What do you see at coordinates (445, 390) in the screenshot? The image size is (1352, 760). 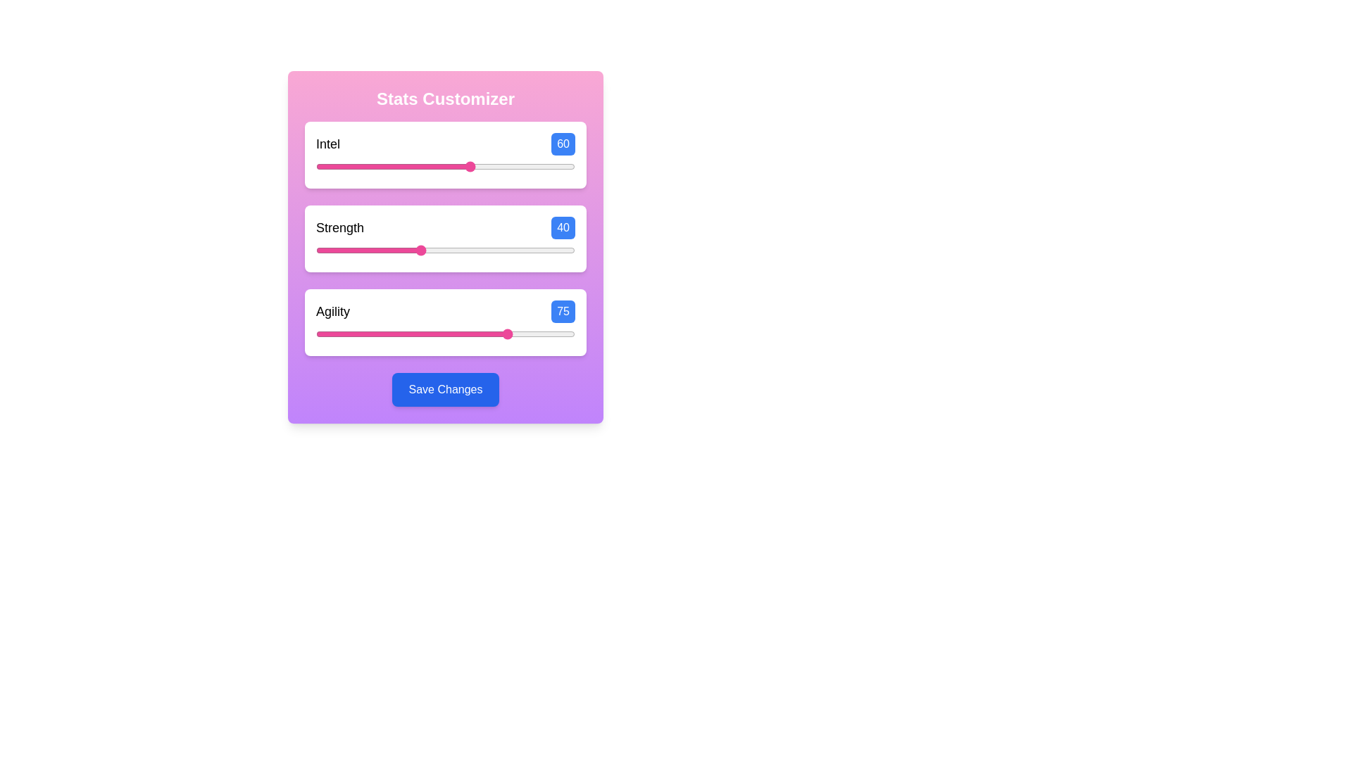 I see `the 'Save' button located at the bottom of the 'Stats Customizer' panel` at bounding box center [445, 390].